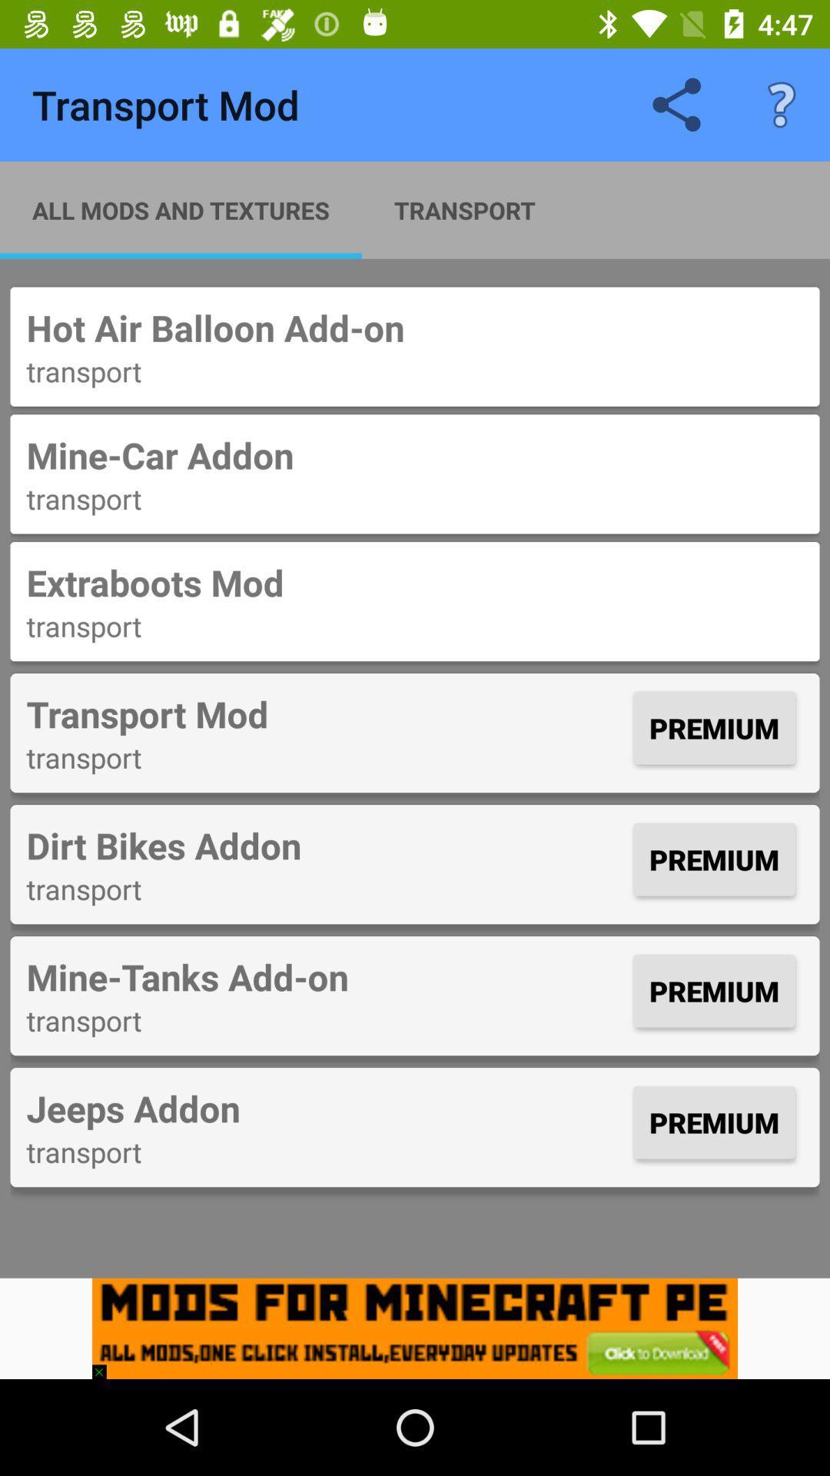 Image resolution: width=830 pixels, height=1476 pixels. I want to click on the icon below the transport item, so click(325, 844).